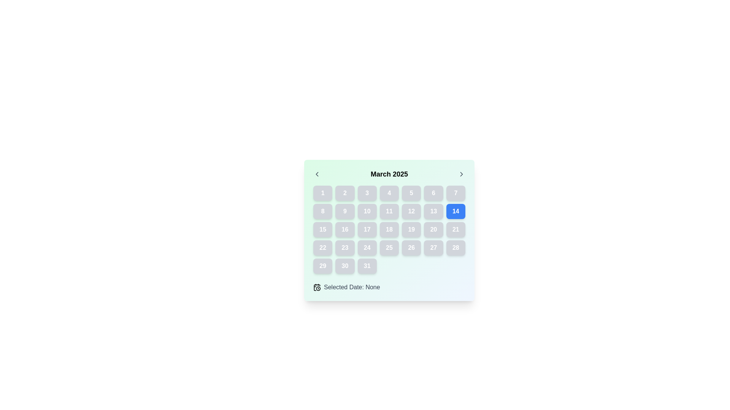 This screenshot has width=730, height=410. What do you see at coordinates (323, 211) in the screenshot?
I see `the button representing the 8th day in the calendar to change its background color` at bounding box center [323, 211].